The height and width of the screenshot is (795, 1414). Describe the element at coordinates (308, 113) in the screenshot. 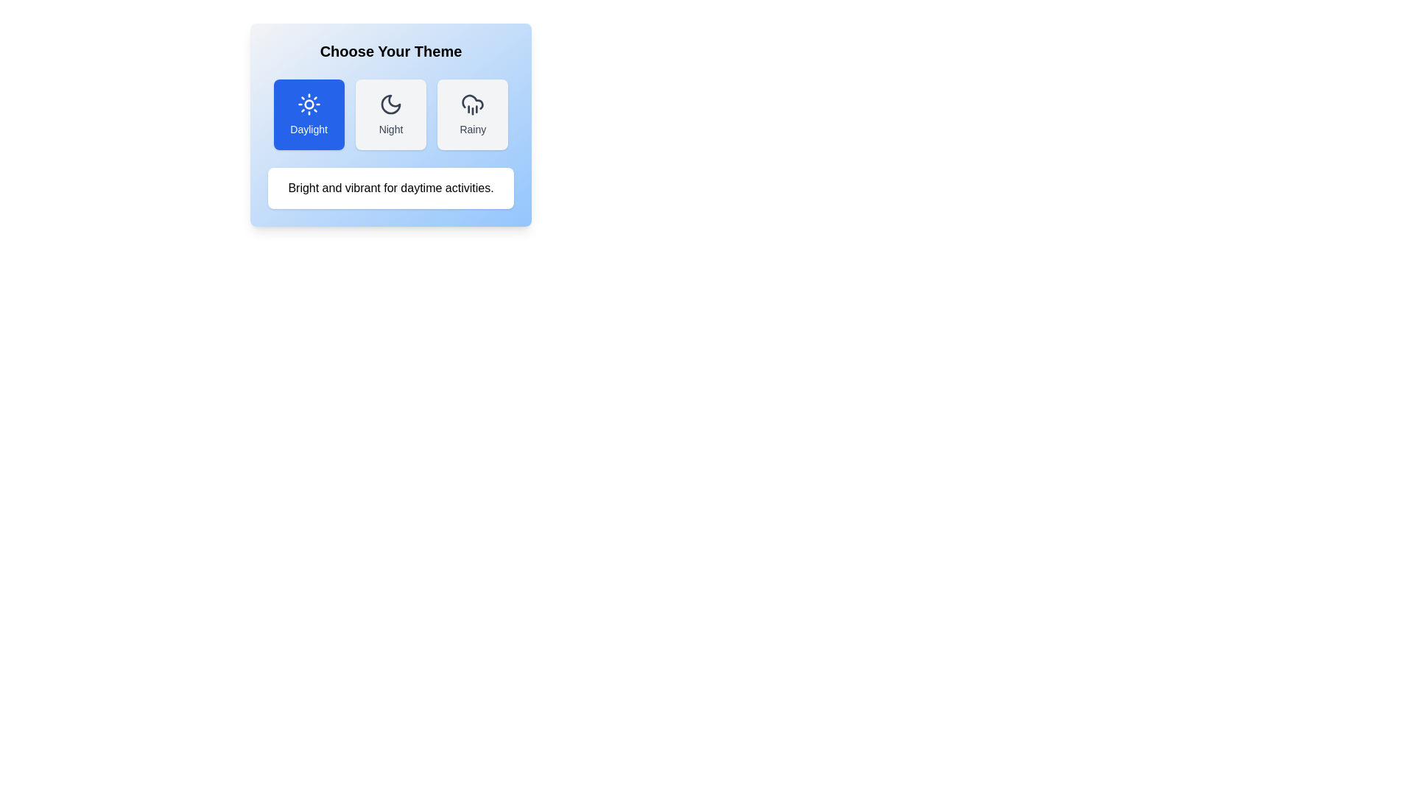

I see `the theme button corresponding to Daylight` at that location.